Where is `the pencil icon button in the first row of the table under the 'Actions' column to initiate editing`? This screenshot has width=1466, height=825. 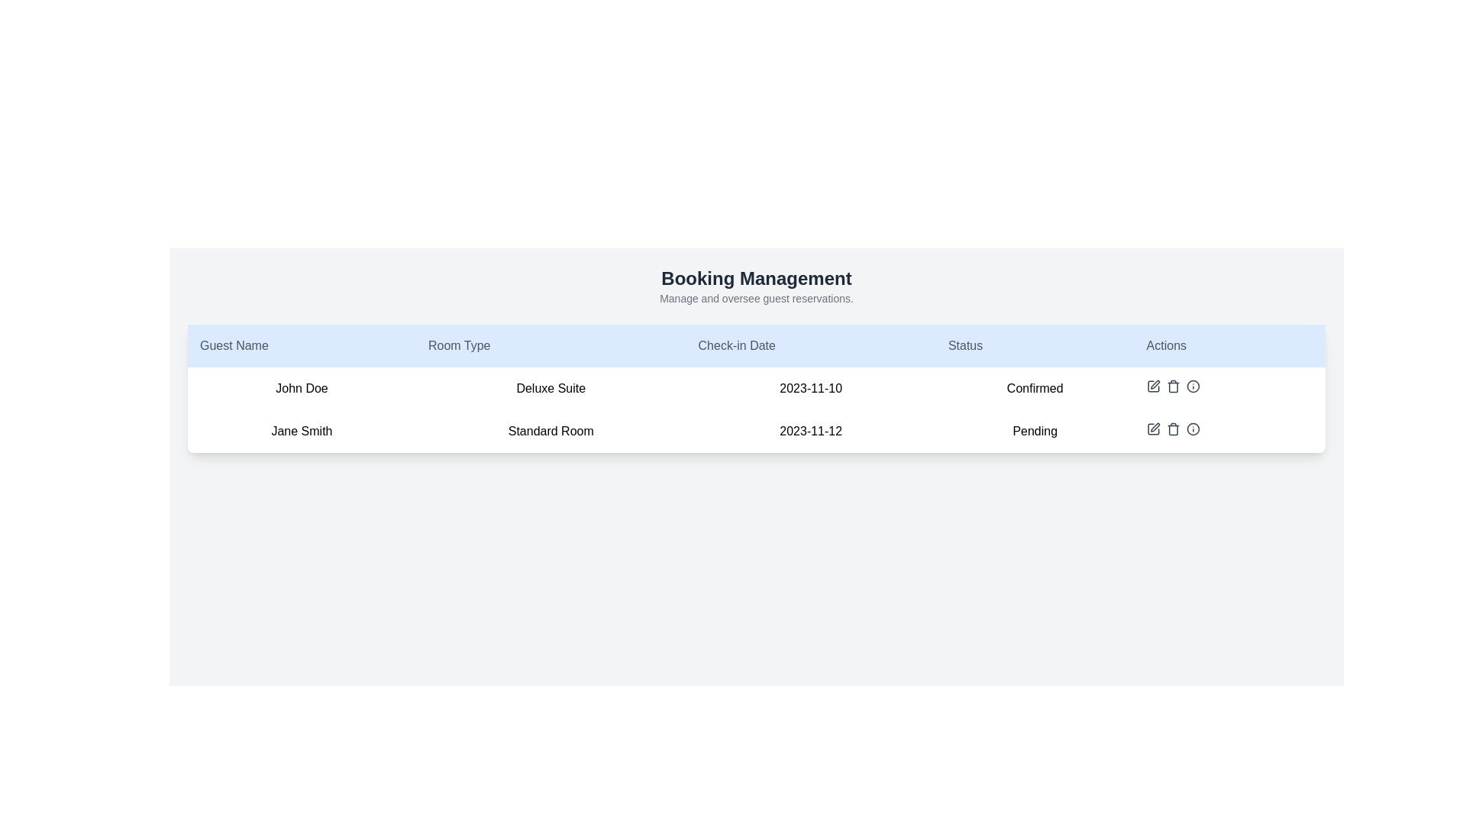
the pencil icon button in the first row of the table under the 'Actions' column to initiate editing is located at coordinates (1153, 385).